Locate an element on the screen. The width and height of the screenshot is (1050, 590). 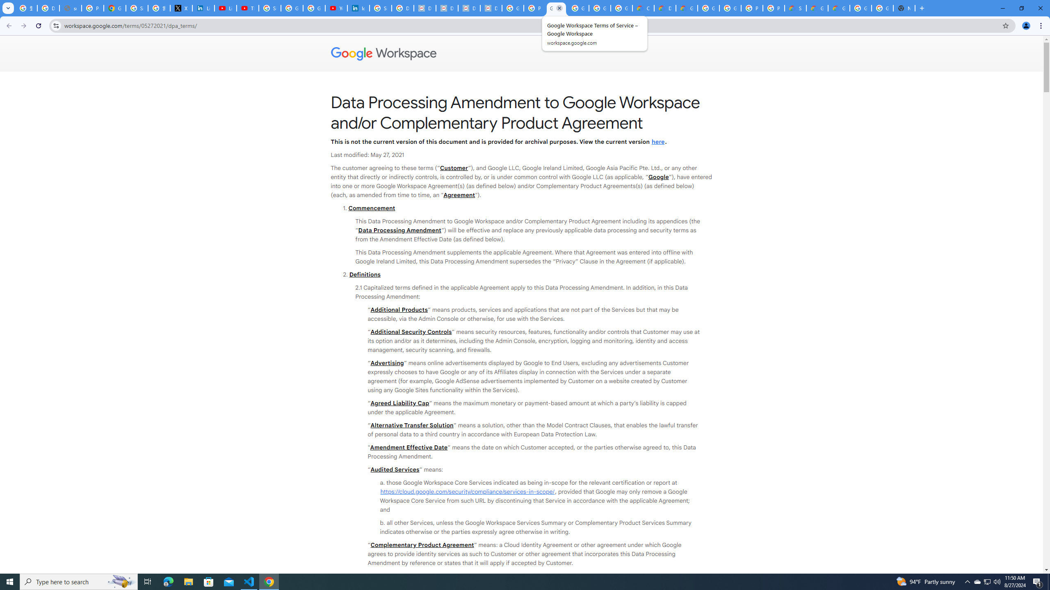
'New Tab' is located at coordinates (904, 8).